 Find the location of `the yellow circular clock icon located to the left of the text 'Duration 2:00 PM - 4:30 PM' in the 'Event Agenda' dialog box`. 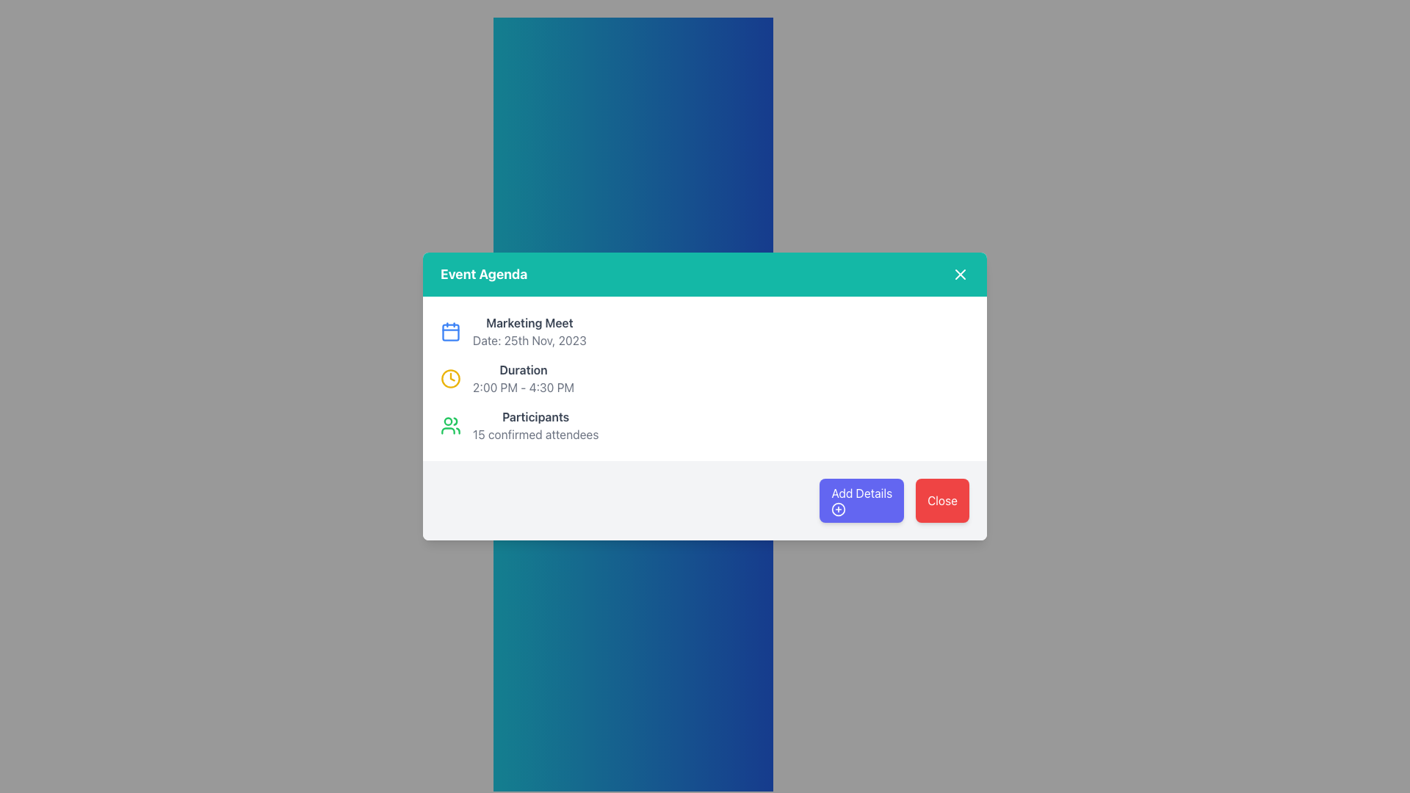

the yellow circular clock icon located to the left of the text 'Duration 2:00 PM - 4:30 PM' in the 'Event Agenda' dialog box is located at coordinates (450, 378).